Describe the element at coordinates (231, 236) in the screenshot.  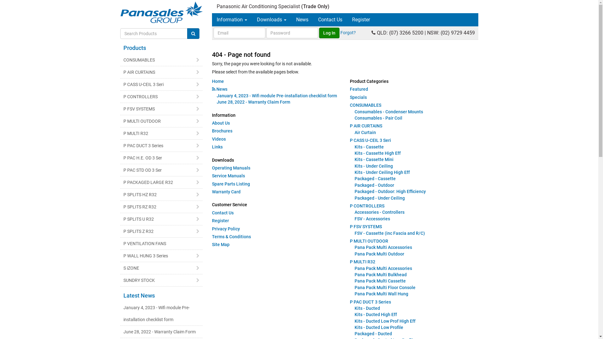
I see `'Terms & Conditions'` at that location.